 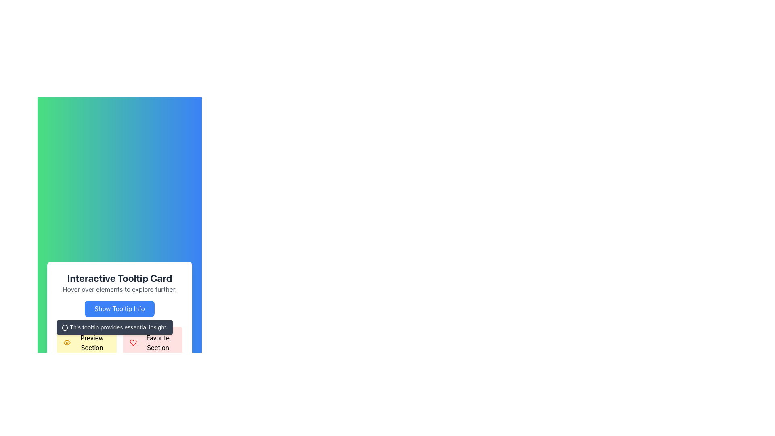 I want to click on text content of the header in the interactive tooltip card, which displays the title 'Interactive Tooltip Card' and the instruction 'Hover over elements to explore further.', so click(x=119, y=283).